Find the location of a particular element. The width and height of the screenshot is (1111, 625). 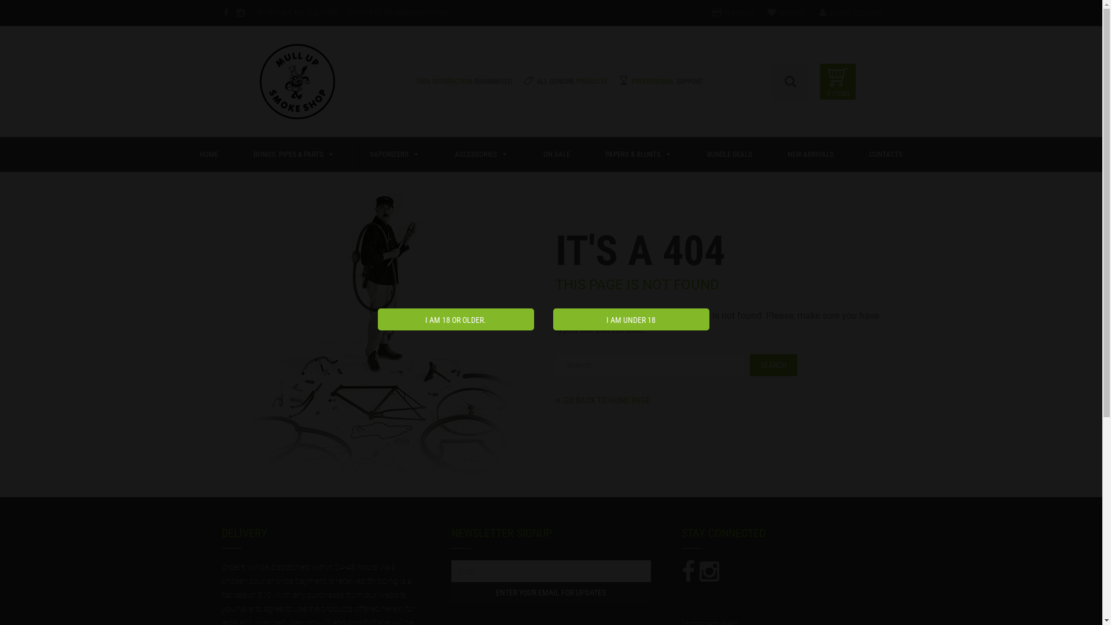

'NEW ARRIVALS' is located at coordinates (770, 153).